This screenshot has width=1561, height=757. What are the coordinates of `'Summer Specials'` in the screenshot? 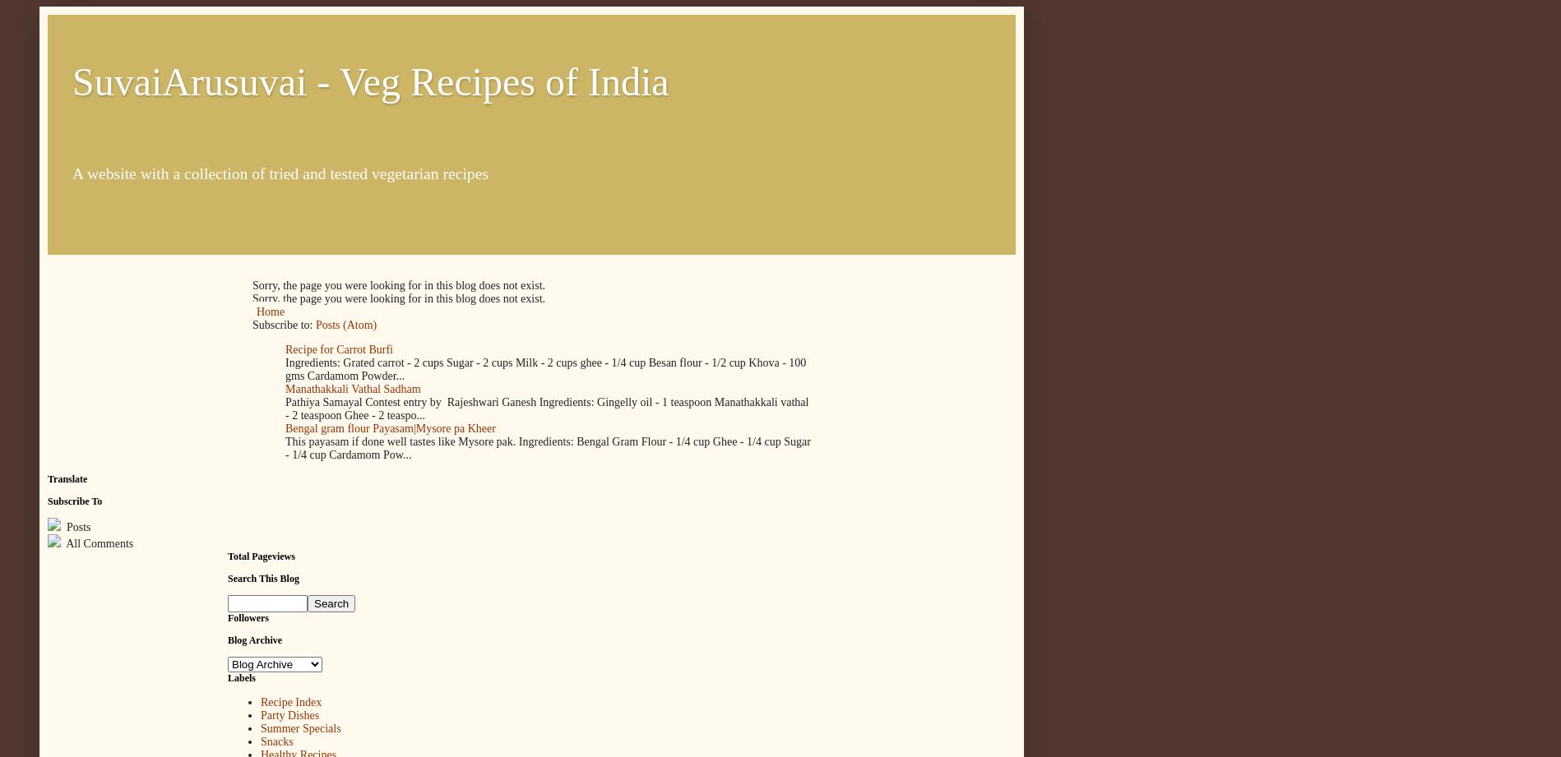 It's located at (300, 727).